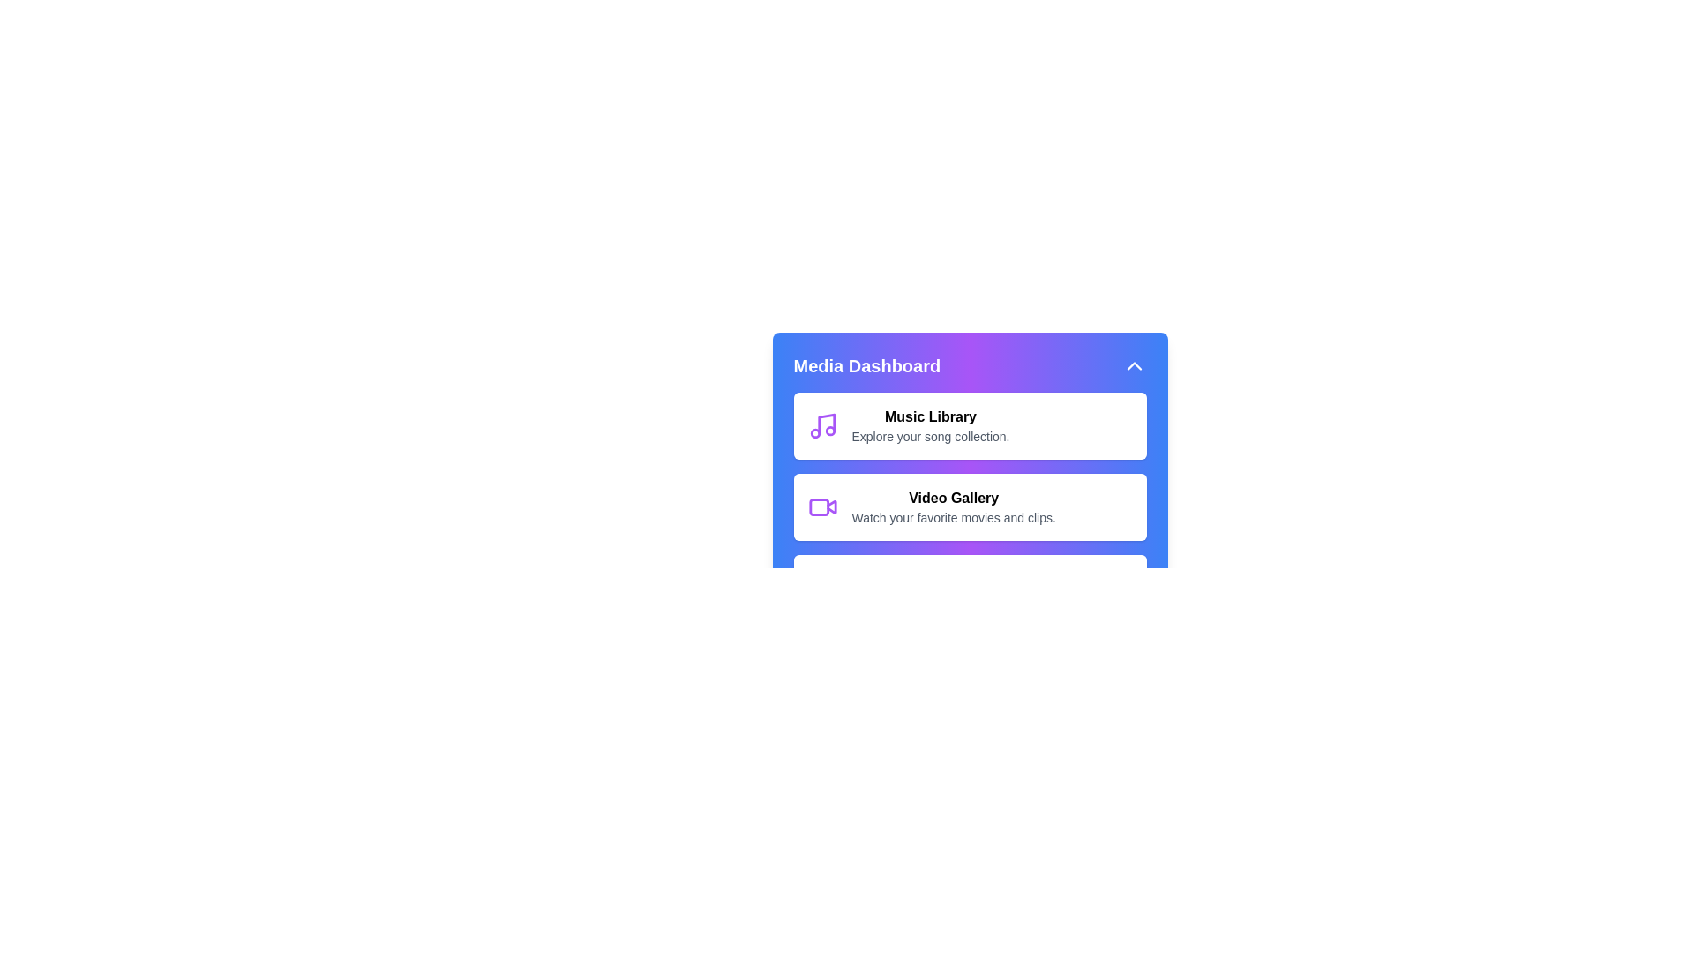 The width and height of the screenshot is (1694, 953). Describe the element at coordinates (969, 507) in the screenshot. I see `the 'Video Gallery' section to select it` at that location.